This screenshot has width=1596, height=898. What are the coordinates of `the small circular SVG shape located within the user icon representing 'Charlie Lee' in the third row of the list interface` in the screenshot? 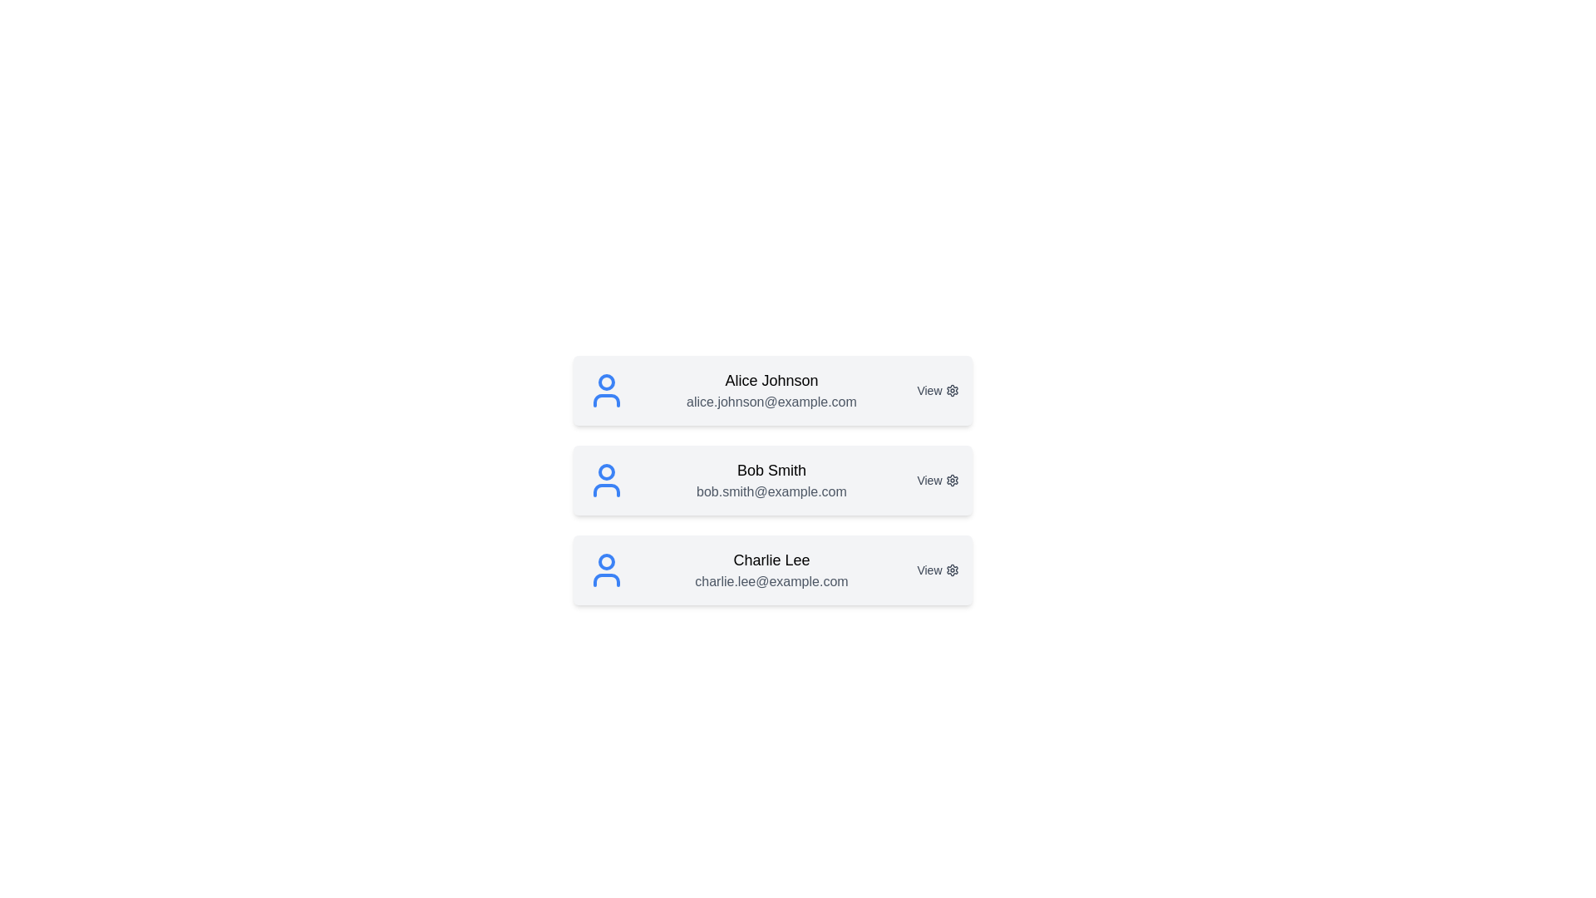 It's located at (605, 561).